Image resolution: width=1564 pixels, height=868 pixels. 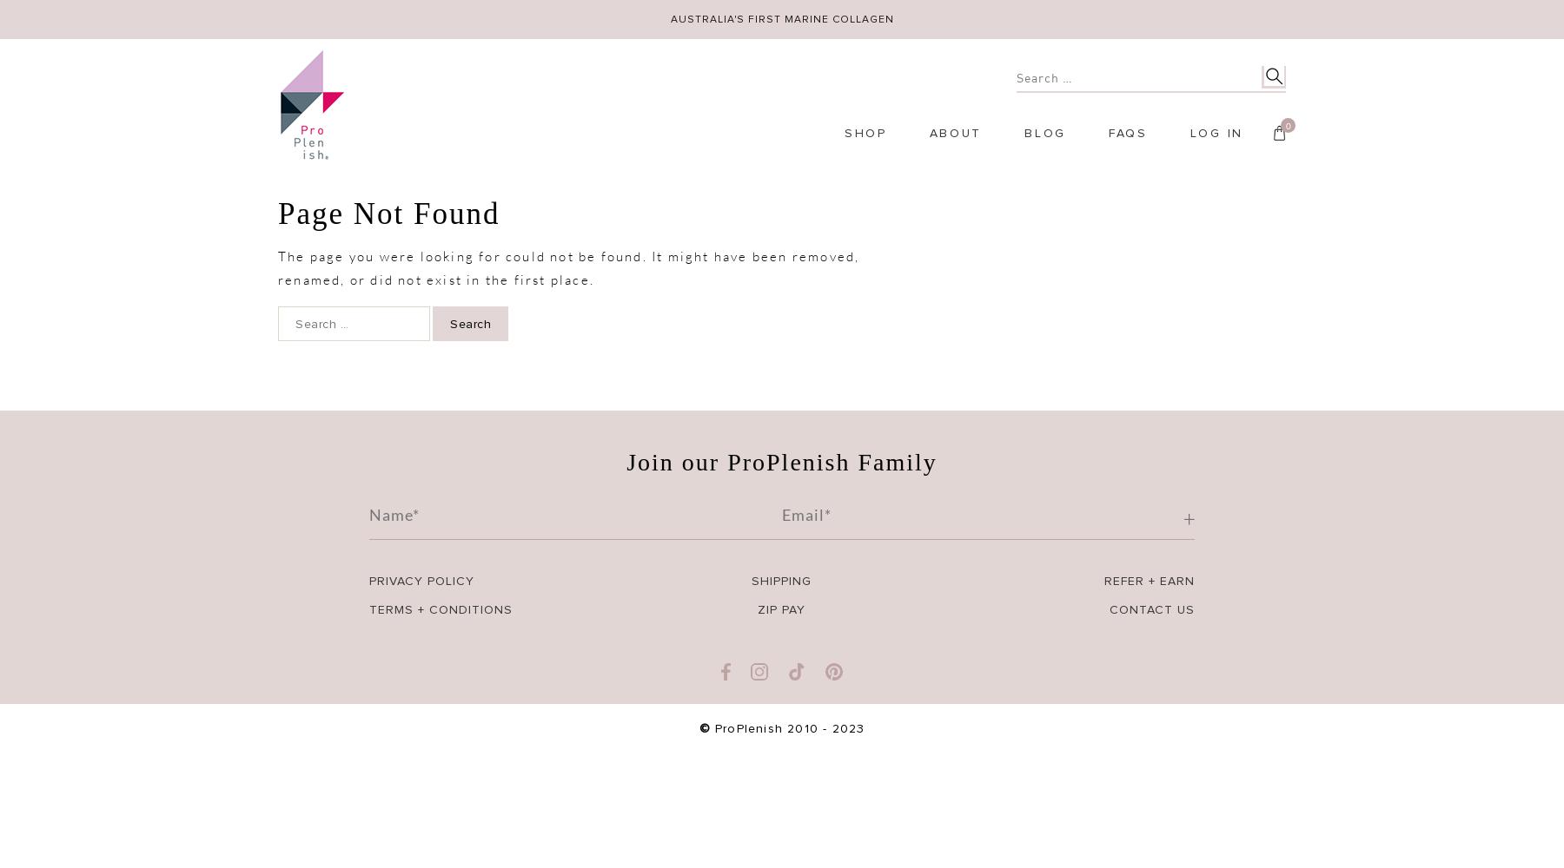 What do you see at coordinates (277, 267) in the screenshot?
I see `'The page you were looking for could not be found. It might have been removed, renamed, or did not exist in the first place.'` at bounding box center [277, 267].